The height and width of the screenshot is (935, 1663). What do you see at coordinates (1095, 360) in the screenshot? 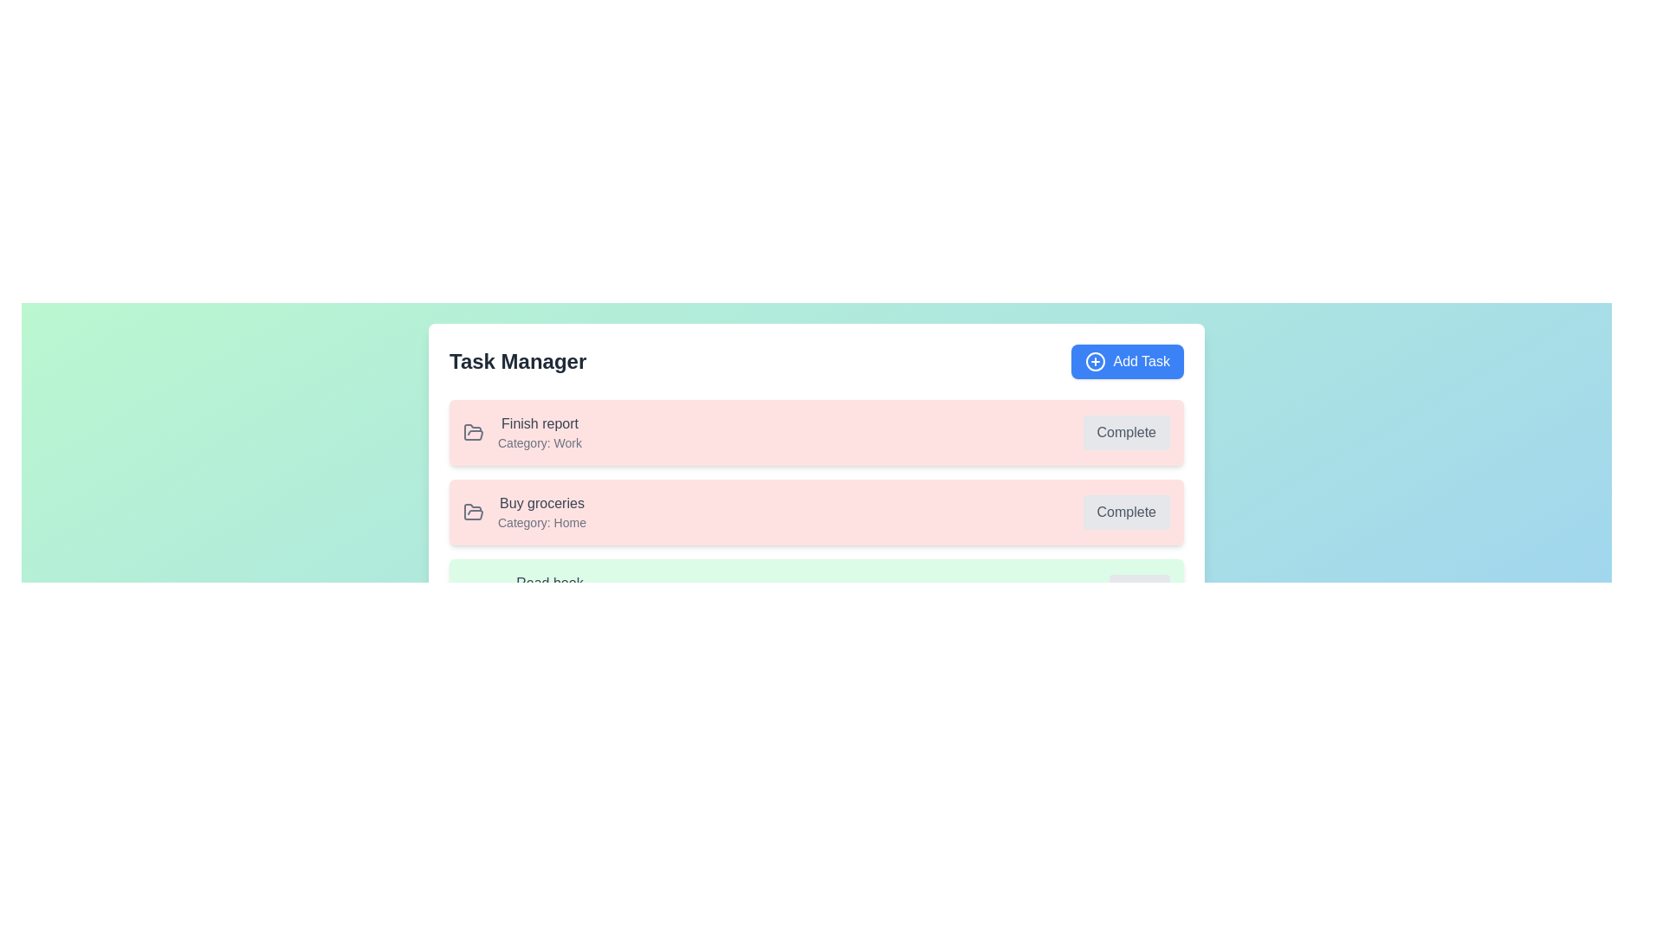
I see `decorative graphic element (circle) that enhances the 'Add Task' button located in the top-right corner of the interface` at bounding box center [1095, 360].